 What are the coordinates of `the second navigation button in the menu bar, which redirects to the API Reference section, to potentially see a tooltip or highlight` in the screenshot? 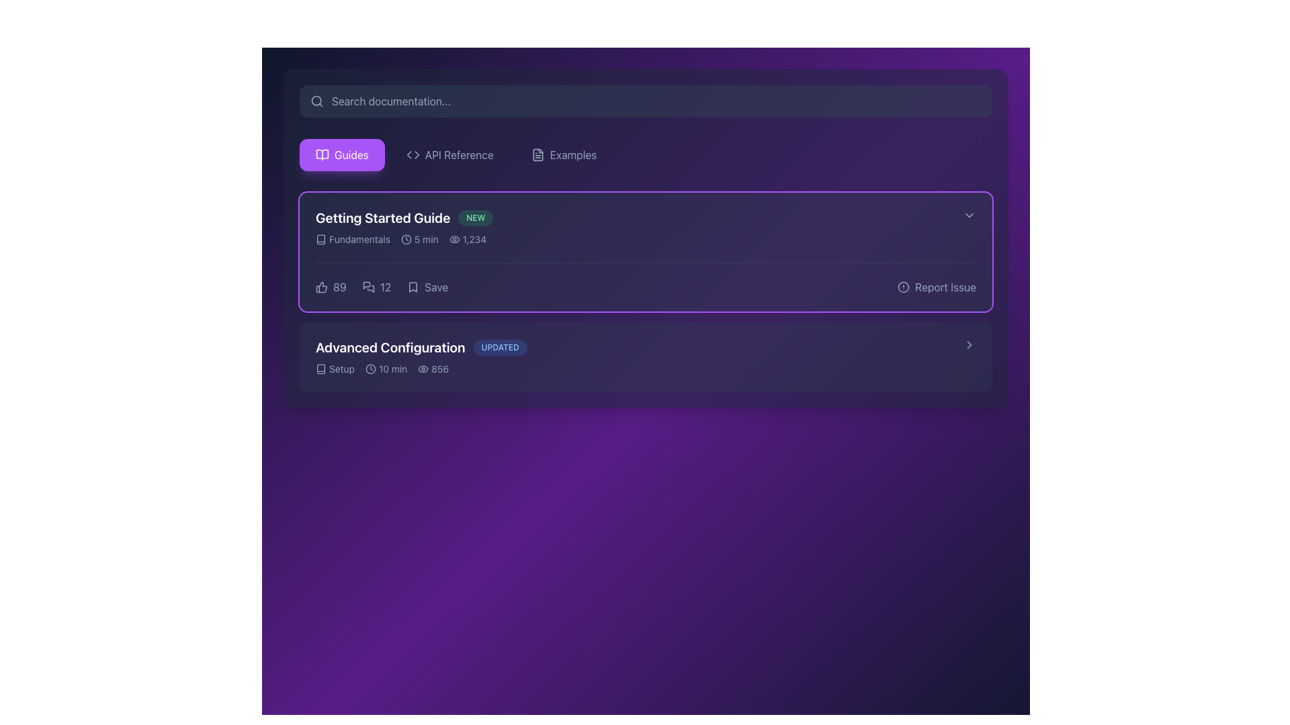 It's located at (459, 154).